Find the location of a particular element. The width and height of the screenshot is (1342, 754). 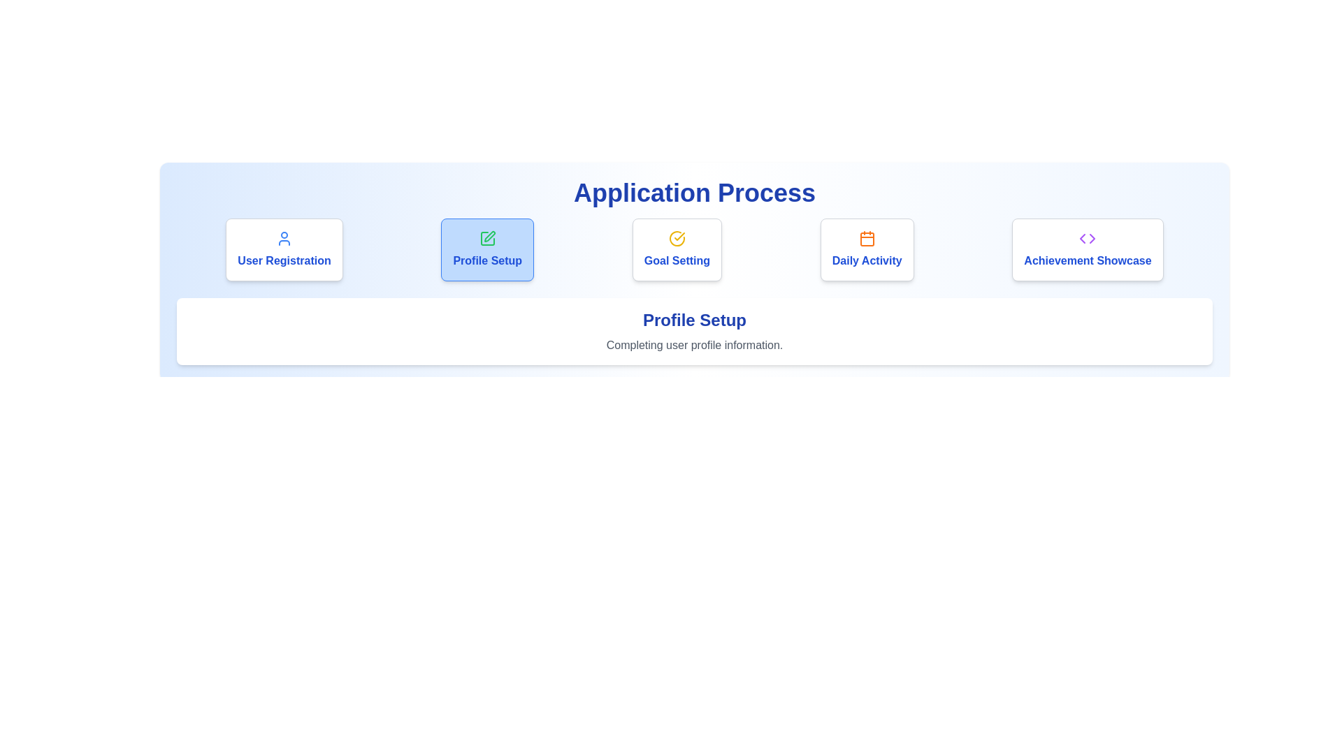

the left-pointing triangle icon inside the 'Achievement Showcase' button, which serves as a visual indicator for navigating to the previous step is located at coordinates (1082, 238).